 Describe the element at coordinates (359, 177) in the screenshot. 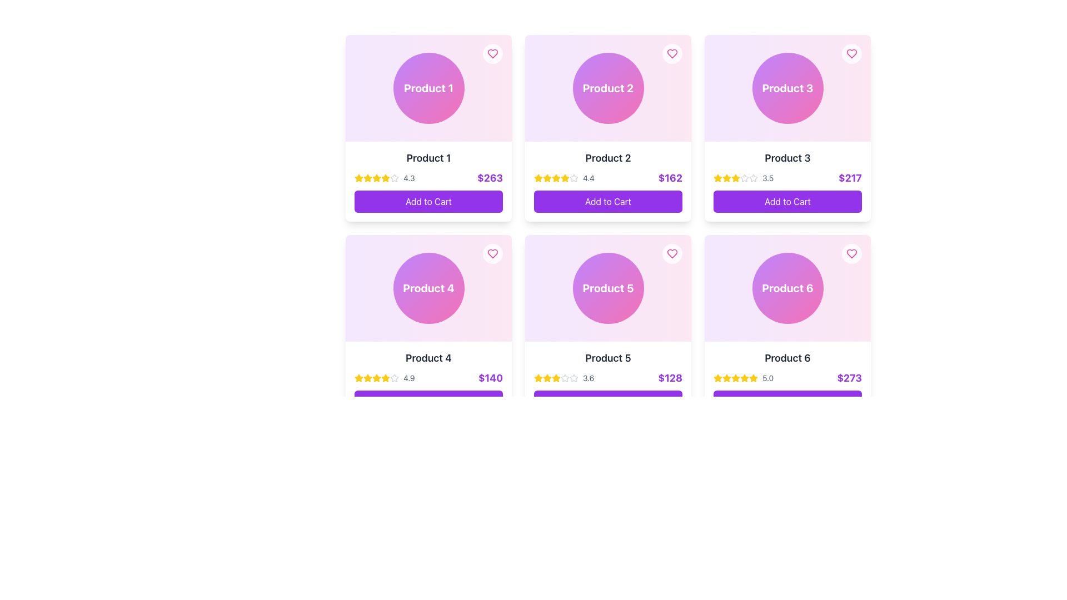

I see `the star icon representing the rating for 'Product 1'` at that location.